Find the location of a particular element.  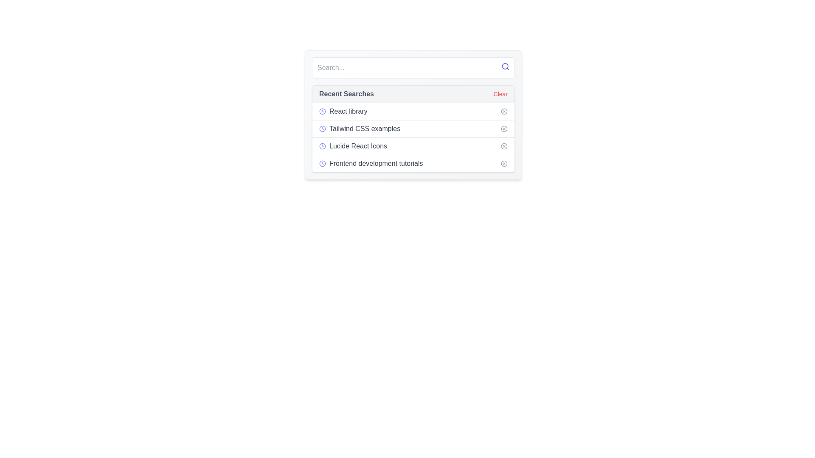

the clock icon located to the left of the text 'Frontend development tutorials' in the recent searches list to interact with it is located at coordinates (322, 163).